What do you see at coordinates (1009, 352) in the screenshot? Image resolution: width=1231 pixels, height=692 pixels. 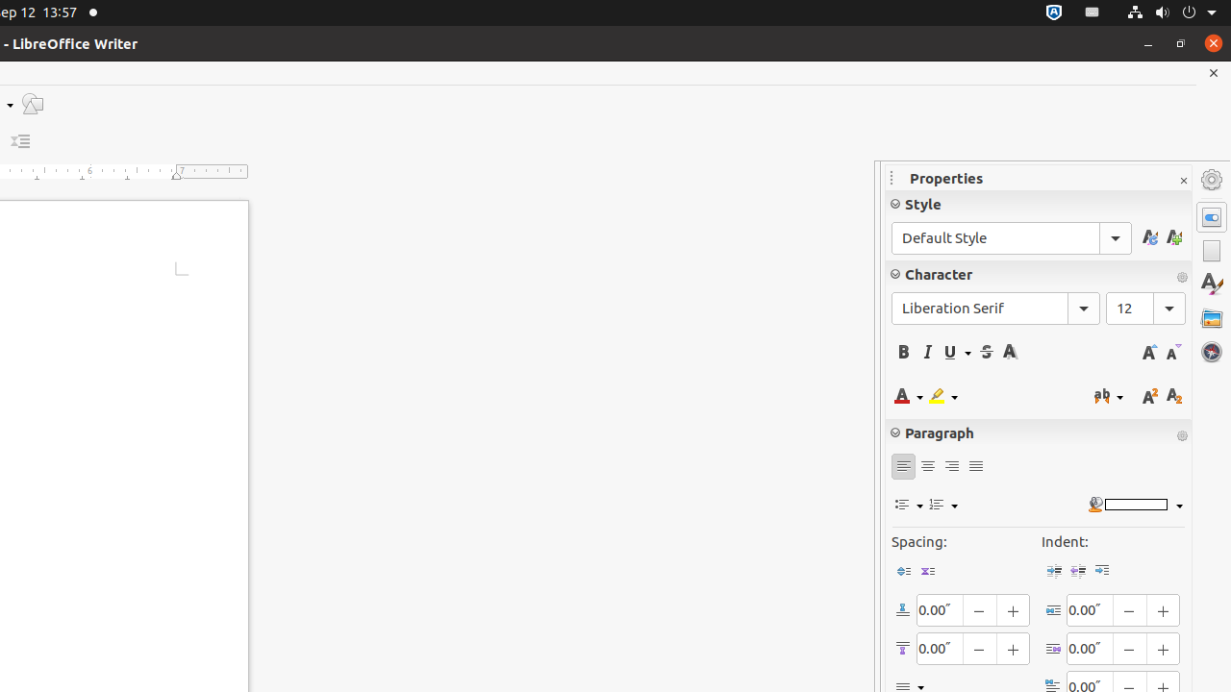 I see `'Shadow'` at bounding box center [1009, 352].